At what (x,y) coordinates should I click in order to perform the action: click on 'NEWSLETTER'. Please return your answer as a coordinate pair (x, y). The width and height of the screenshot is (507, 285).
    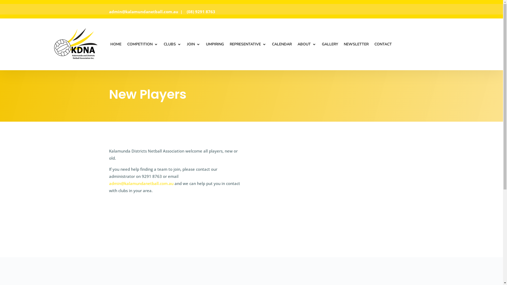
    Looking at the image, I should click on (344, 44).